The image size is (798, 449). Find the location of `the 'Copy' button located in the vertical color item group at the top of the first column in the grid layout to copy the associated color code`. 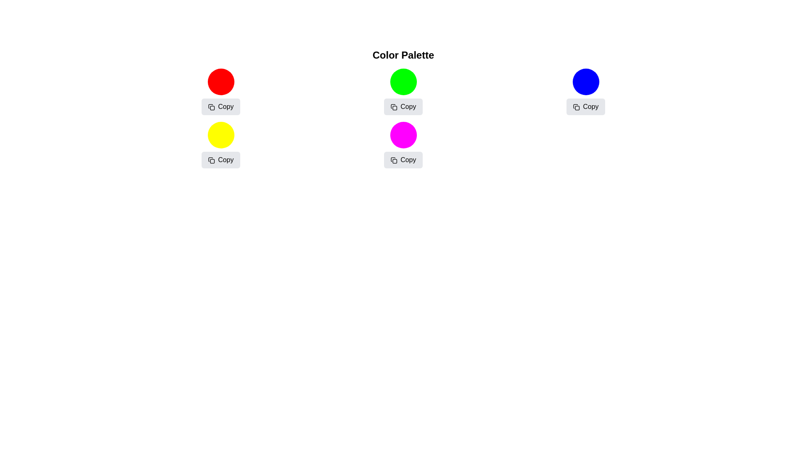

the 'Copy' button located in the vertical color item group at the top of the first column in the grid layout to copy the associated color code is located at coordinates (221, 91).